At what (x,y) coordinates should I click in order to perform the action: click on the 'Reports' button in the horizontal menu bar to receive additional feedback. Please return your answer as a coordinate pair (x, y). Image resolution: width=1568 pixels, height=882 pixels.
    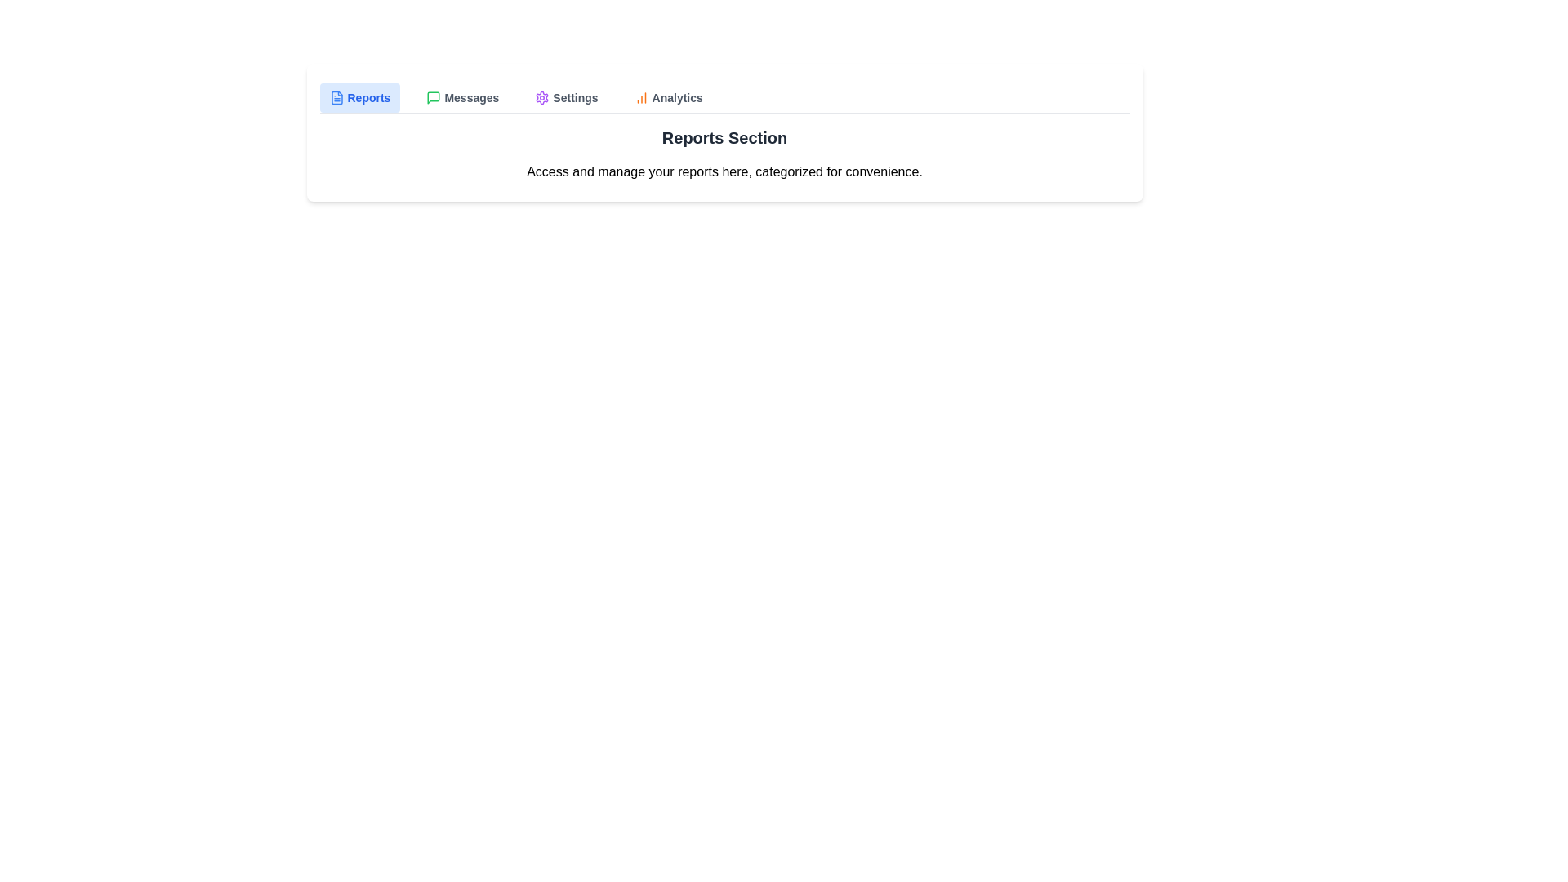
    Looking at the image, I should click on (359, 97).